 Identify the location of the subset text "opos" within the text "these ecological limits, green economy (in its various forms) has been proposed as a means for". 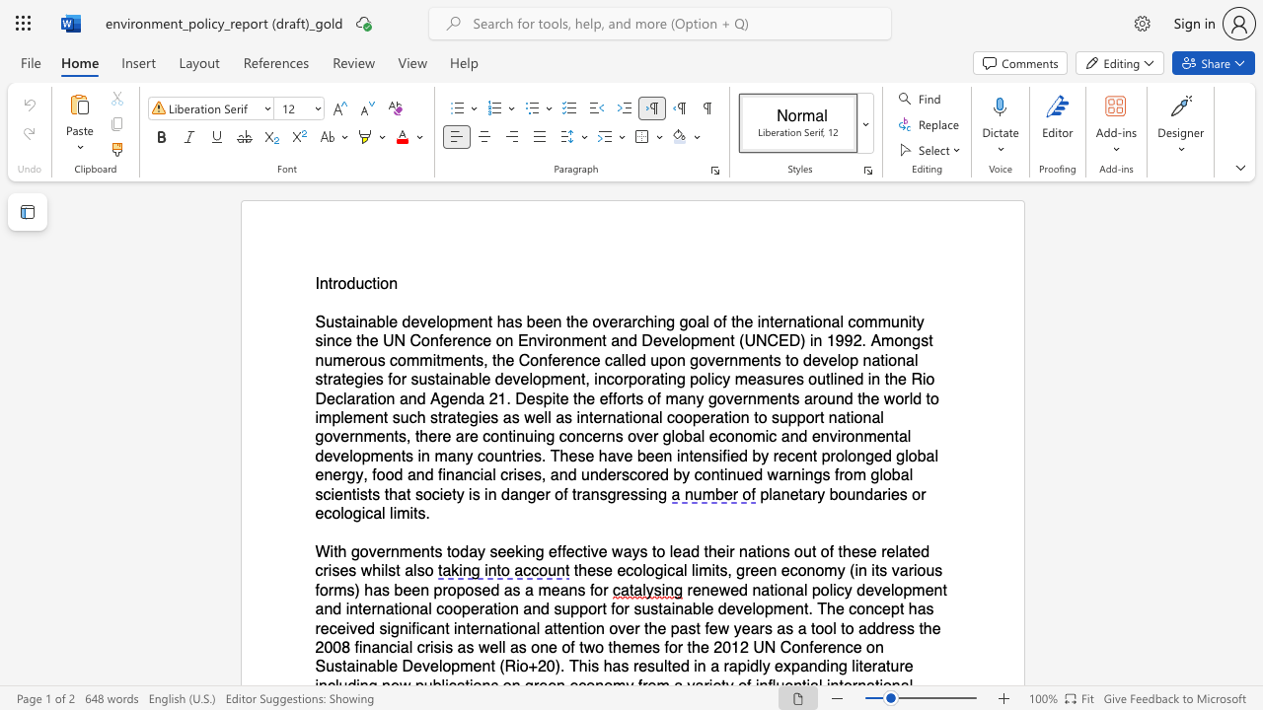
(446, 589).